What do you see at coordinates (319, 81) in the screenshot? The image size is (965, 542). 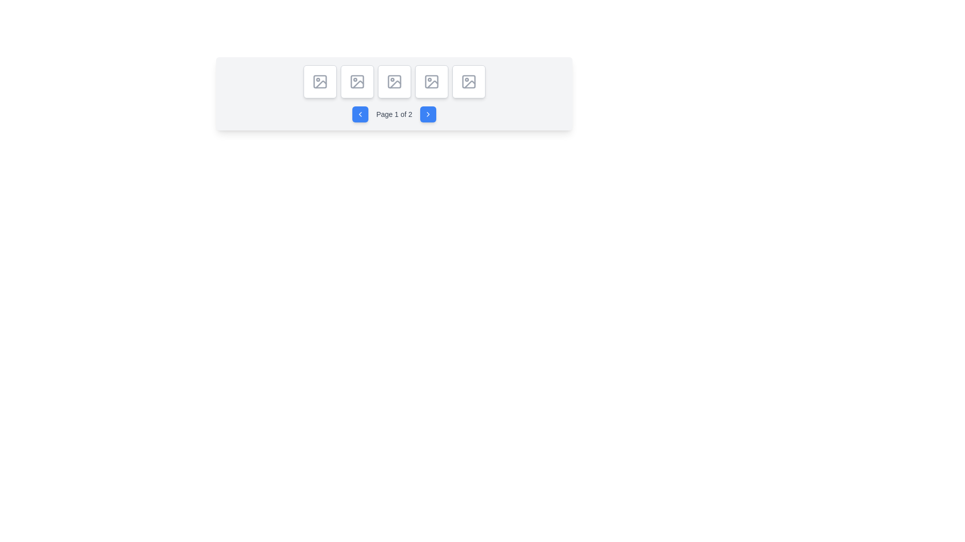 I see `the first icon in a row of five similar icons located in the central portion of the interface` at bounding box center [319, 81].